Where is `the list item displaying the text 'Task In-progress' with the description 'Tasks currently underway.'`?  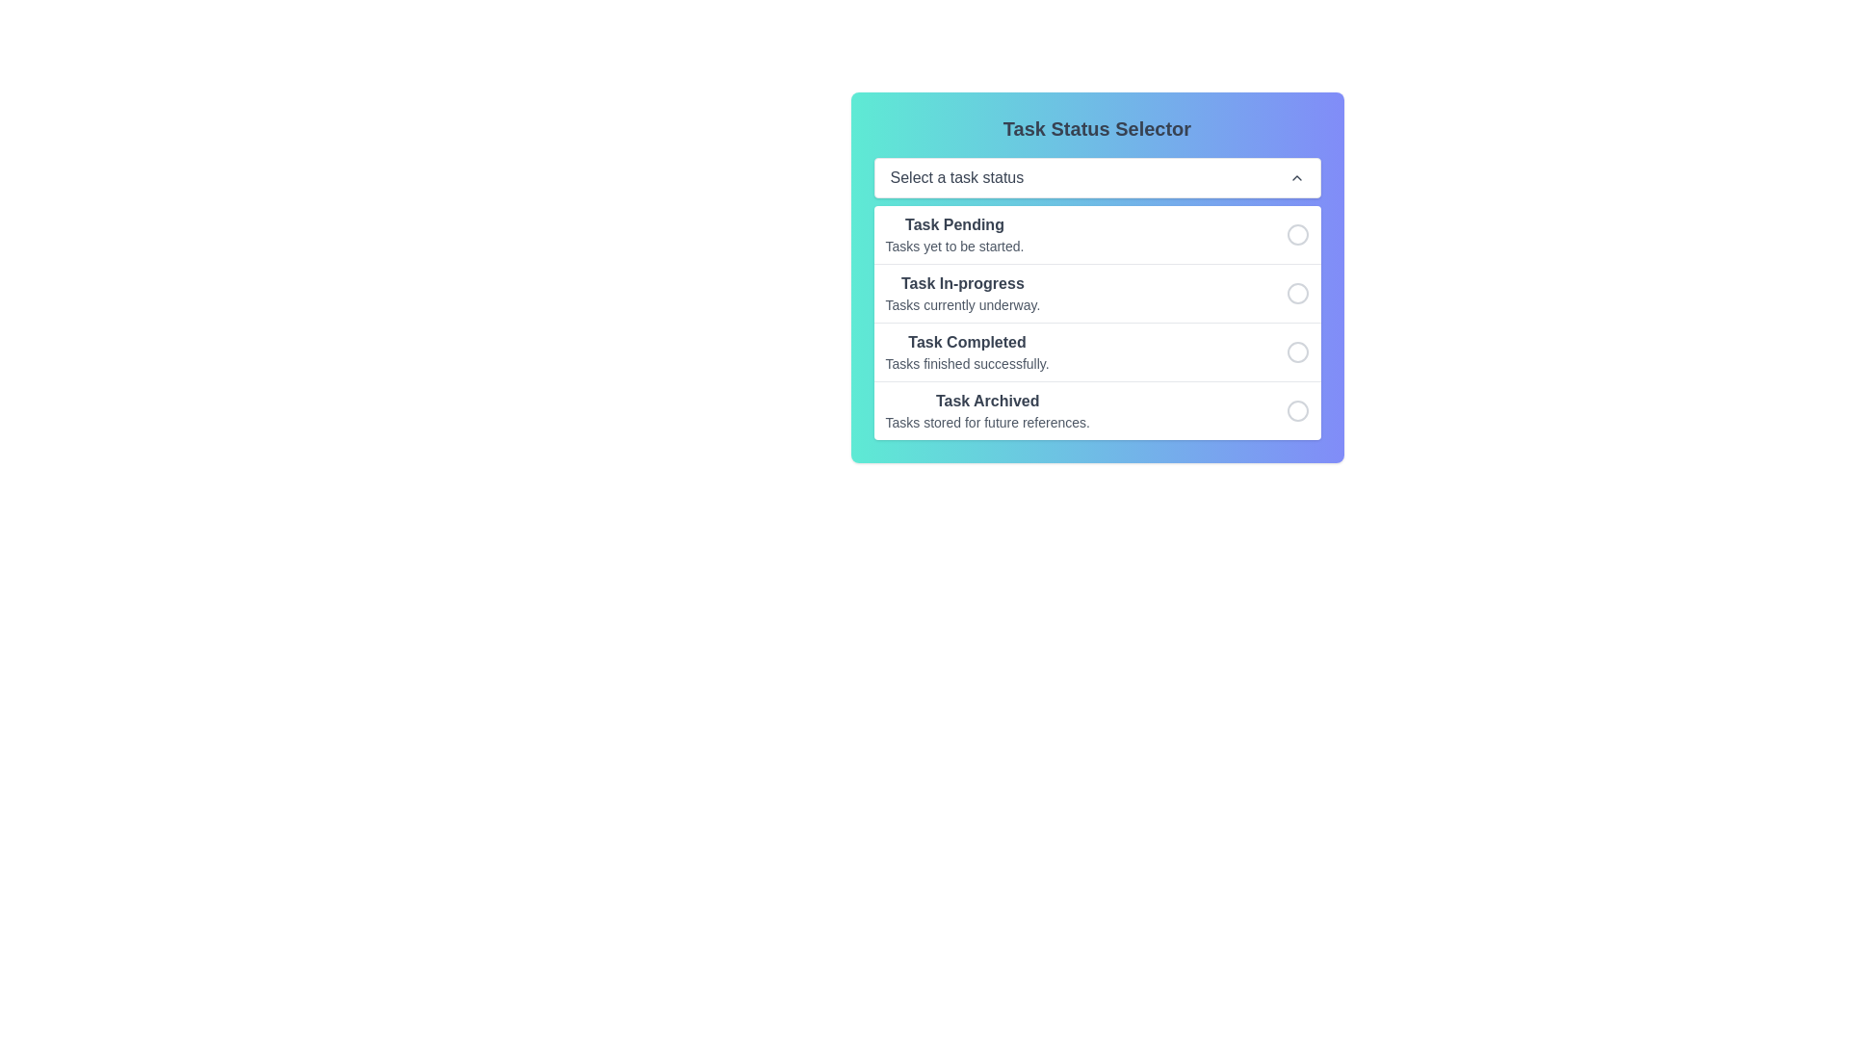
the list item displaying the text 'Task In-progress' with the description 'Tasks currently underway.' is located at coordinates (962, 293).